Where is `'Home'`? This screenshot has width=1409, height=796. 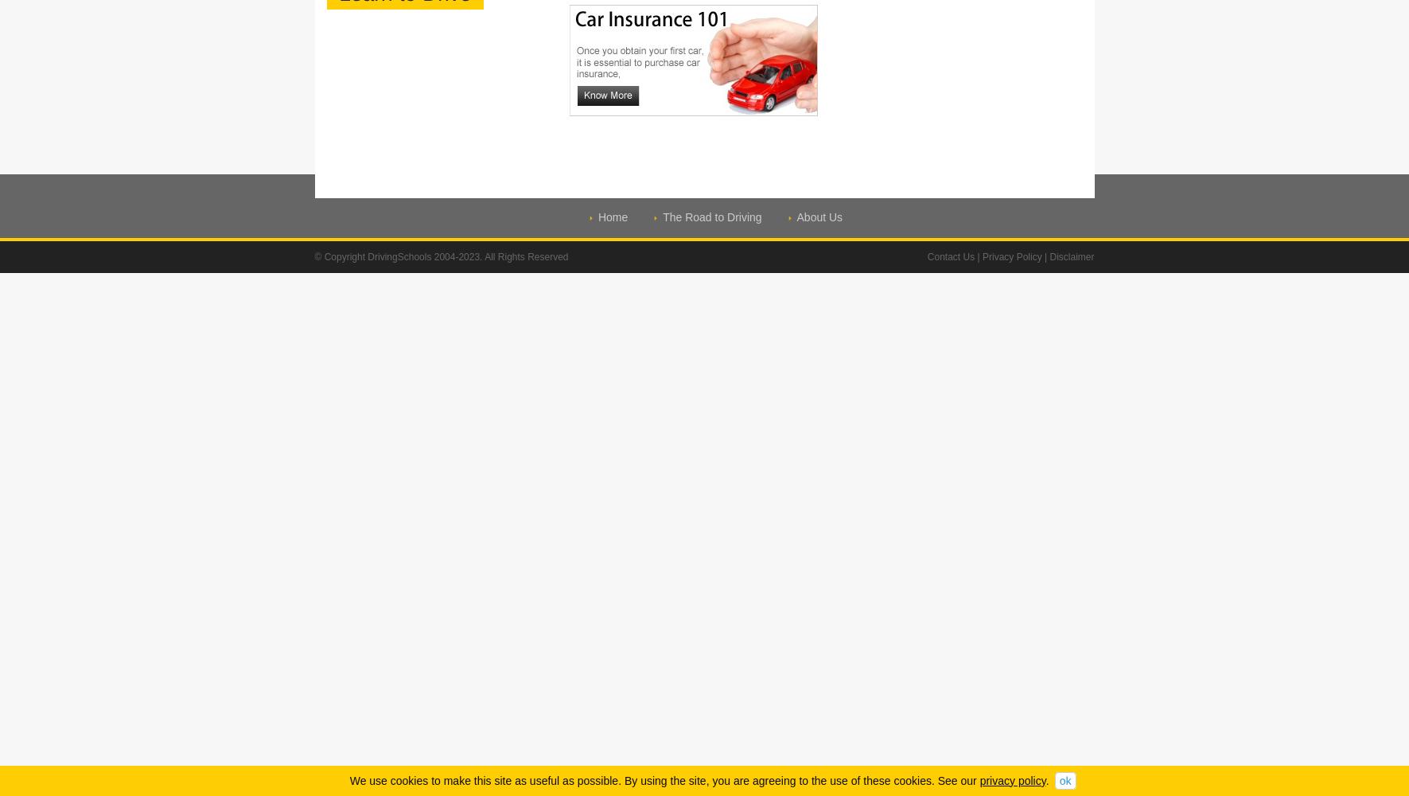 'Home' is located at coordinates (612, 217).